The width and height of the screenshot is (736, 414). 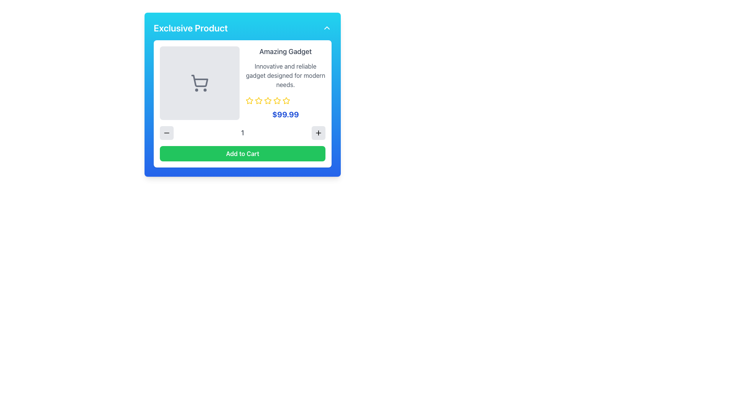 What do you see at coordinates (242, 133) in the screenshot?
I see `the Text Label element displaying the number '1', which is centrally located at the bottom part of a product card, between a decrement button and an increment button` at bounding box center [242, 133].